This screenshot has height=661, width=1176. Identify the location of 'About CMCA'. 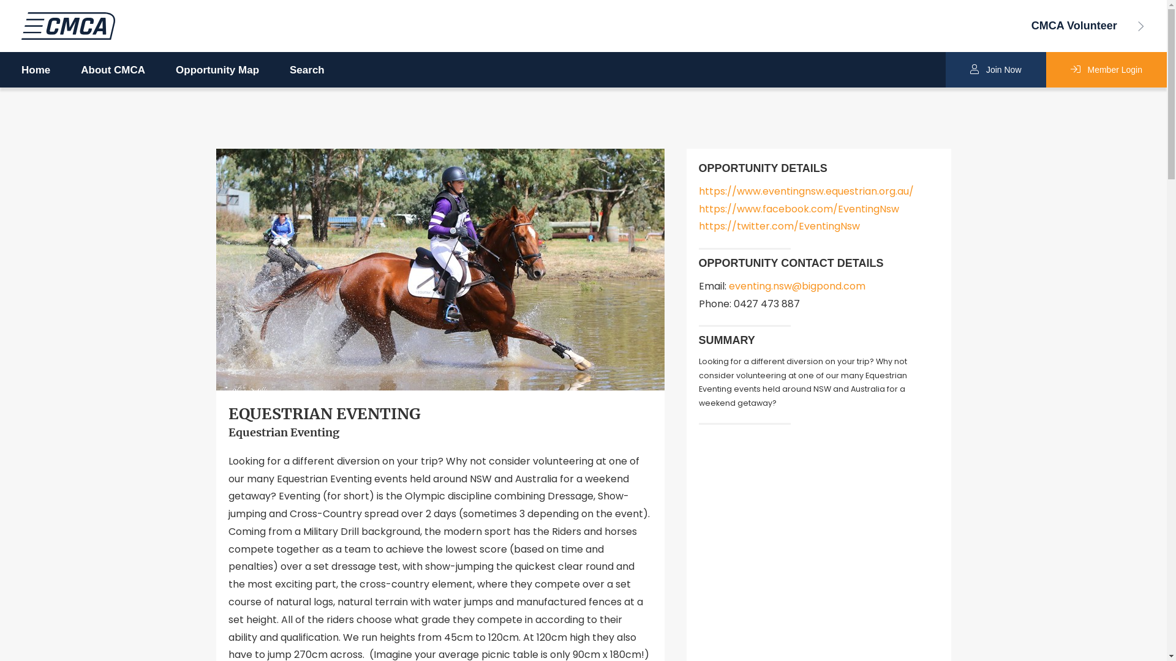
(113, 70).